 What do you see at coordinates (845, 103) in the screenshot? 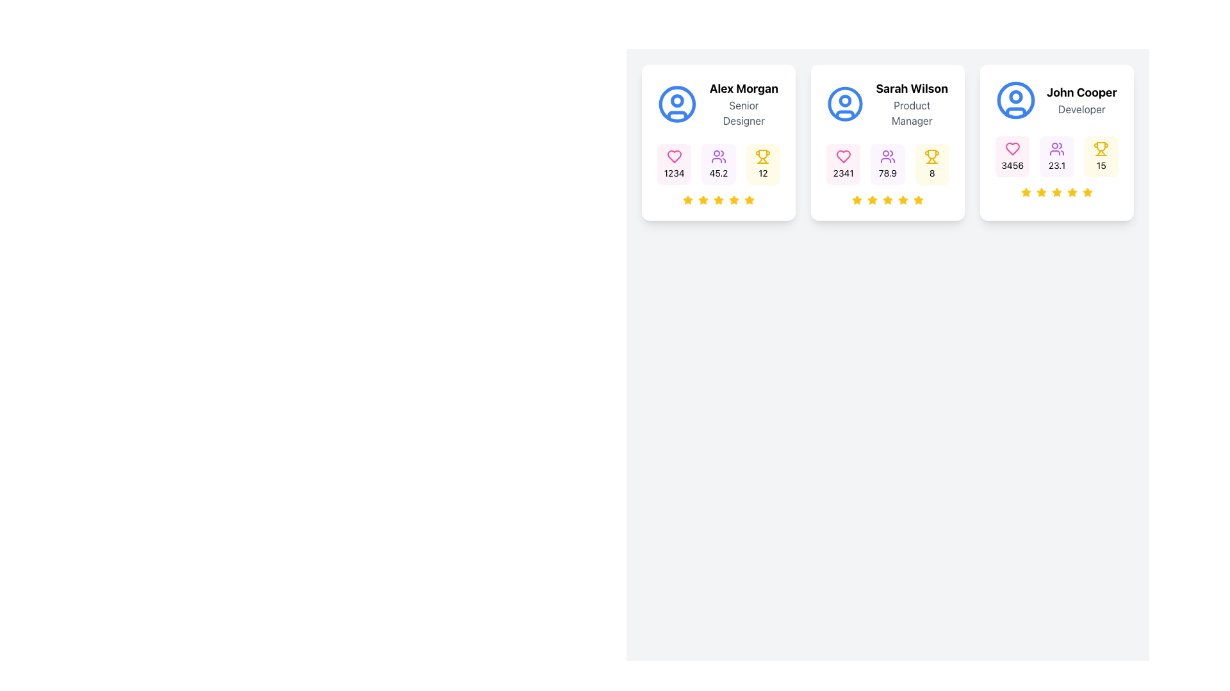
I see `the profile icon representing 'Sarah Wilson', located at the top-left corner of her profile card, above the text 'Sarah Wilson' and 'Product Manager'` at bounding box center [845, 103].